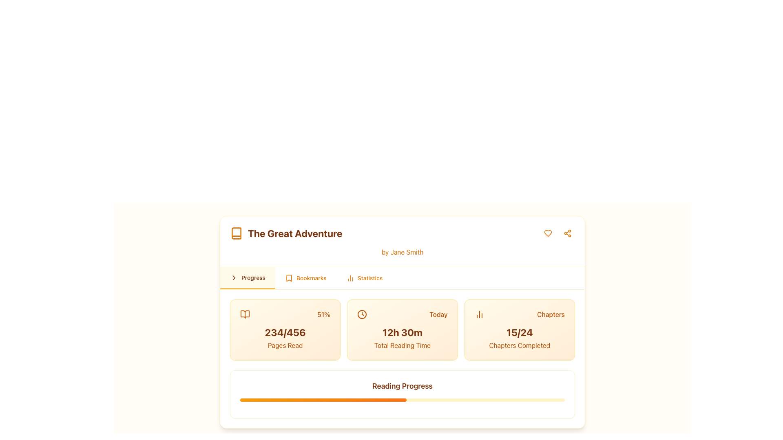 This screenshot has width=783, height=440. I want to click on the tabs in the reading progress dashboard card, so click(403, 321).